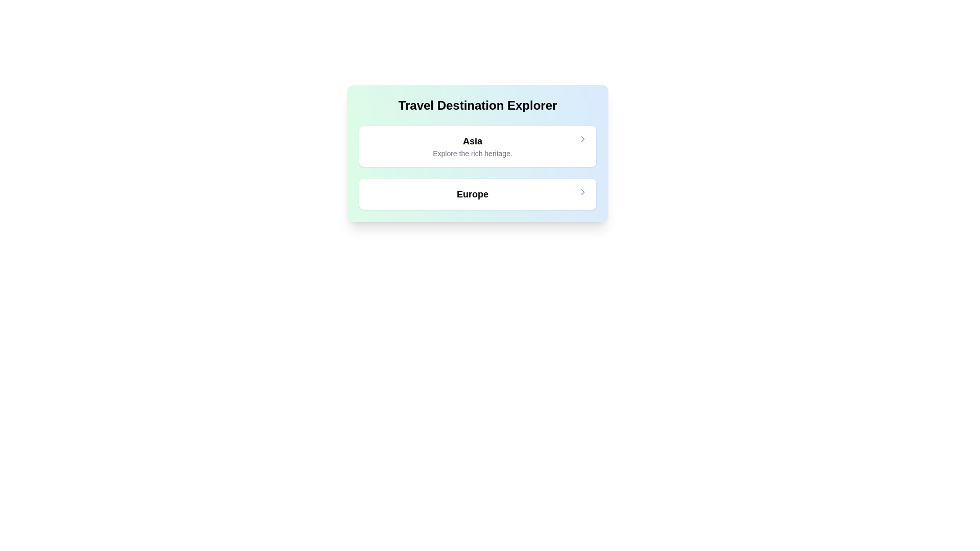 This screenshot has width=980, height=551. I want to click on the descriptive text label located beneath the 'Asia' title within the 'Travel Destination Explorer' section, so click(472, 153).